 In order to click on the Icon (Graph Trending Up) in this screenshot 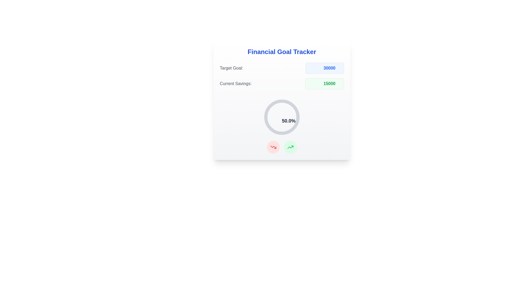, I will do `click(290, 147)`.